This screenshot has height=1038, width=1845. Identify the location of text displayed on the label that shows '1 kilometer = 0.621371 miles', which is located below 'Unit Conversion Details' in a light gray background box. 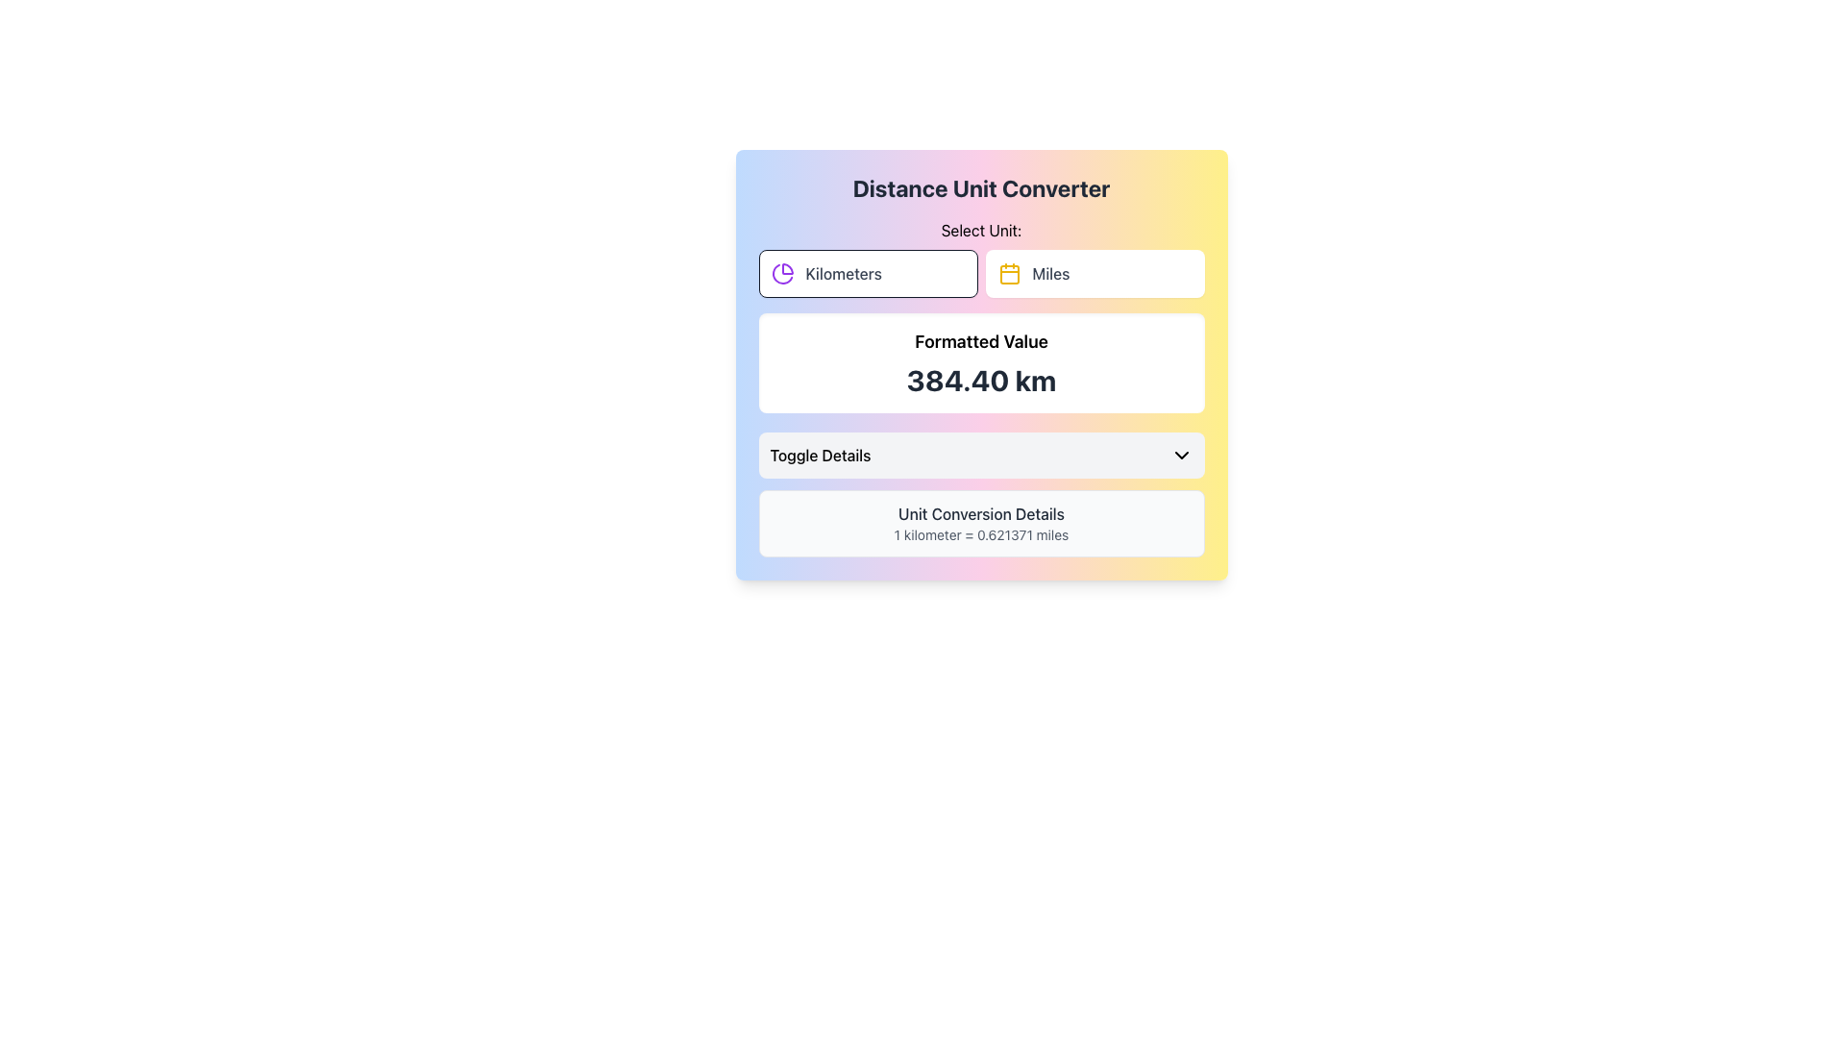
(981, 534).